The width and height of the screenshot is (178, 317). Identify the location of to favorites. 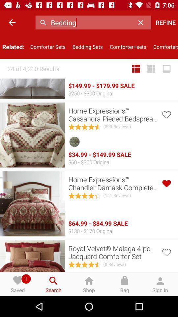
(166, 114).